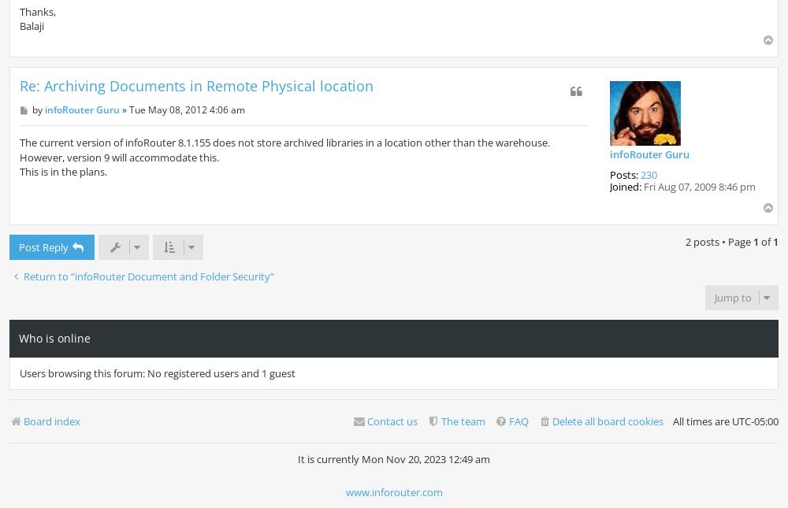 The width and height of the screenshot is (788, 508). Describe the element at coordinates (698, 185) in the screenshot. I see `'Fri Aug 07, 2009 8:46 pm'` at that location.